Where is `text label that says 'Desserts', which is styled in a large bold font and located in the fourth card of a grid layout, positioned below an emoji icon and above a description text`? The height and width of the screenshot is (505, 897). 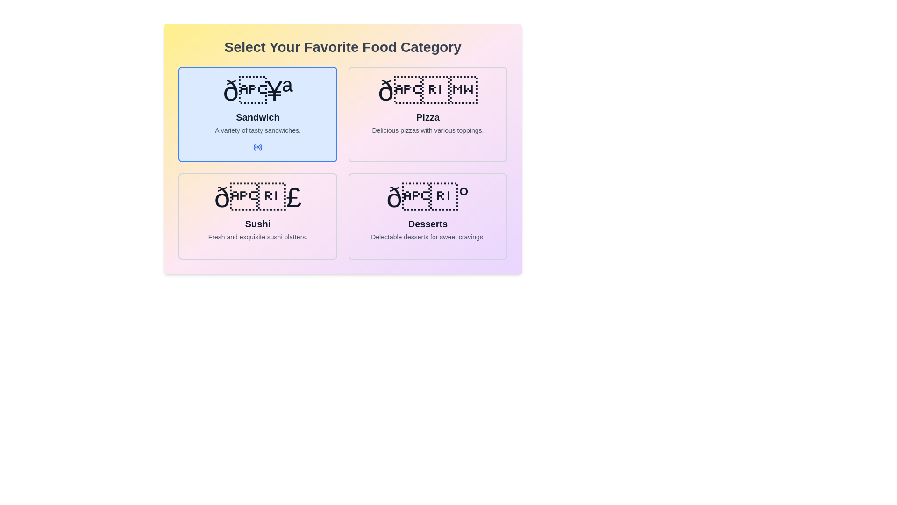
text label that says 'Desserts', which is styled in a large bold font and located in the fourth card of a grid layout, positioned below an emoji icon and above a description text is located at coordinates (427, 224).